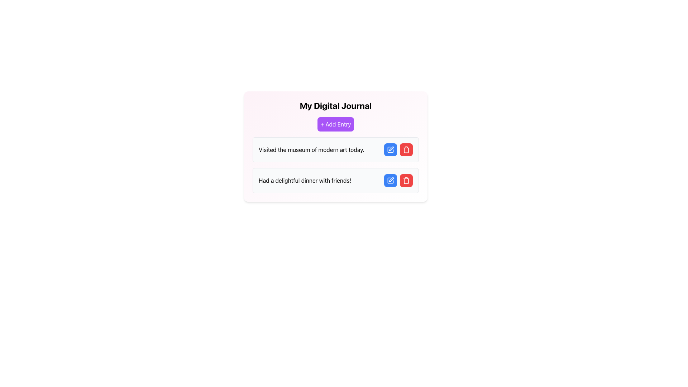 Image resolution: width=688 pixels, height=387 pixels. Describe the element at coordinates (406, 180) in the screenshot. I see `the trash icon located within the red delete button` at that location.